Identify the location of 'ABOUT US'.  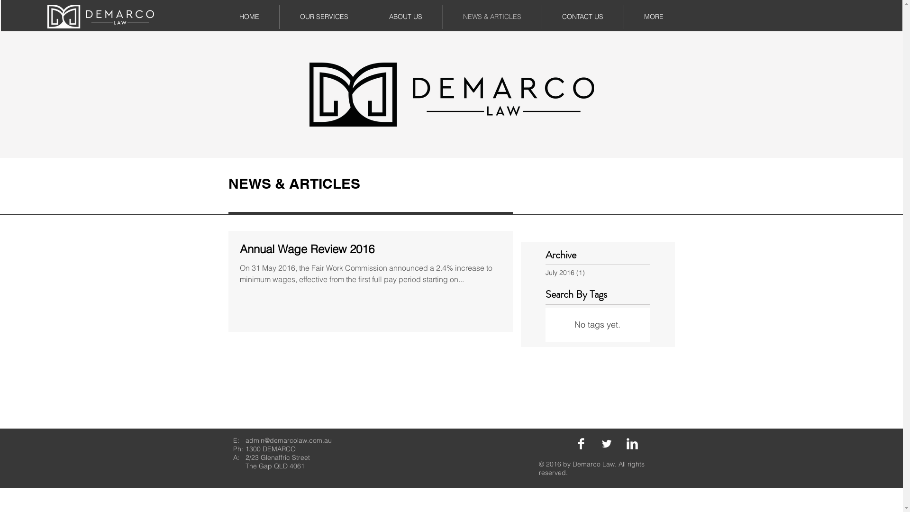
(405, 17).